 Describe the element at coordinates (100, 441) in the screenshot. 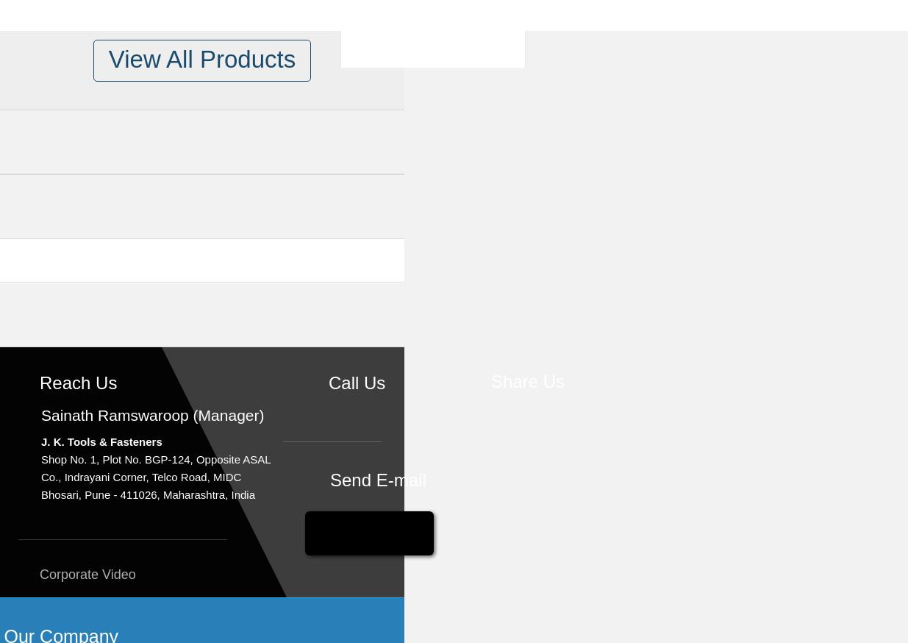

I see `'J. K. Tools & Fasteners'` at that location.